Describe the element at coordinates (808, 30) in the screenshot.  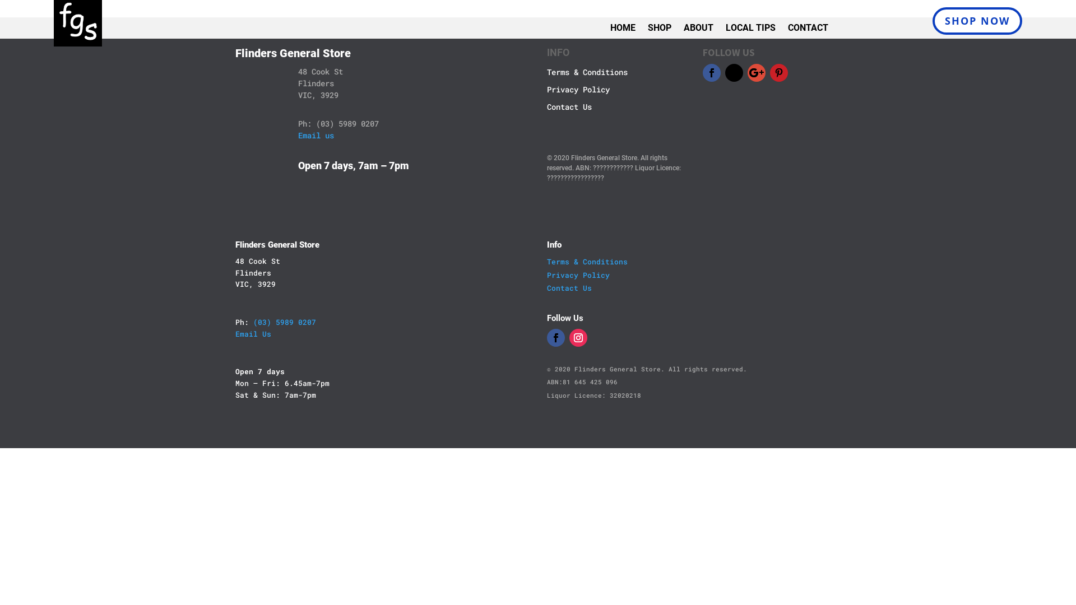
I see `'CONTACT'` at that location.